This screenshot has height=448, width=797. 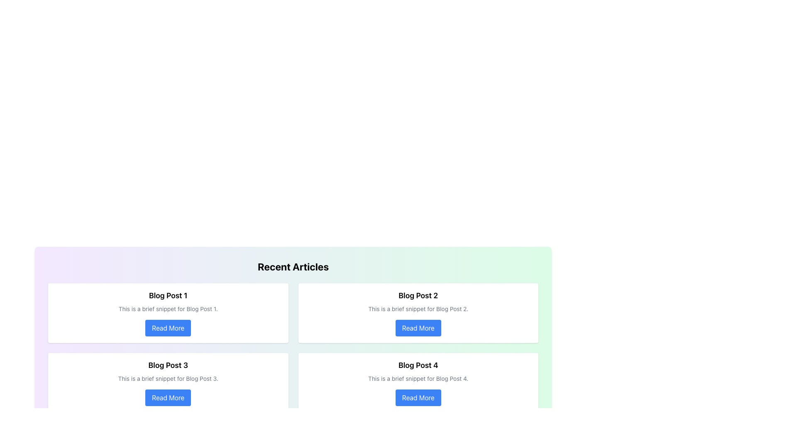 I want to click on text element containing the message 'This is a brief snippet for Blog Post 4.' which is located below the title 'Blog Post 4' and above the 'Read More' button, so click(x=418, y=379).